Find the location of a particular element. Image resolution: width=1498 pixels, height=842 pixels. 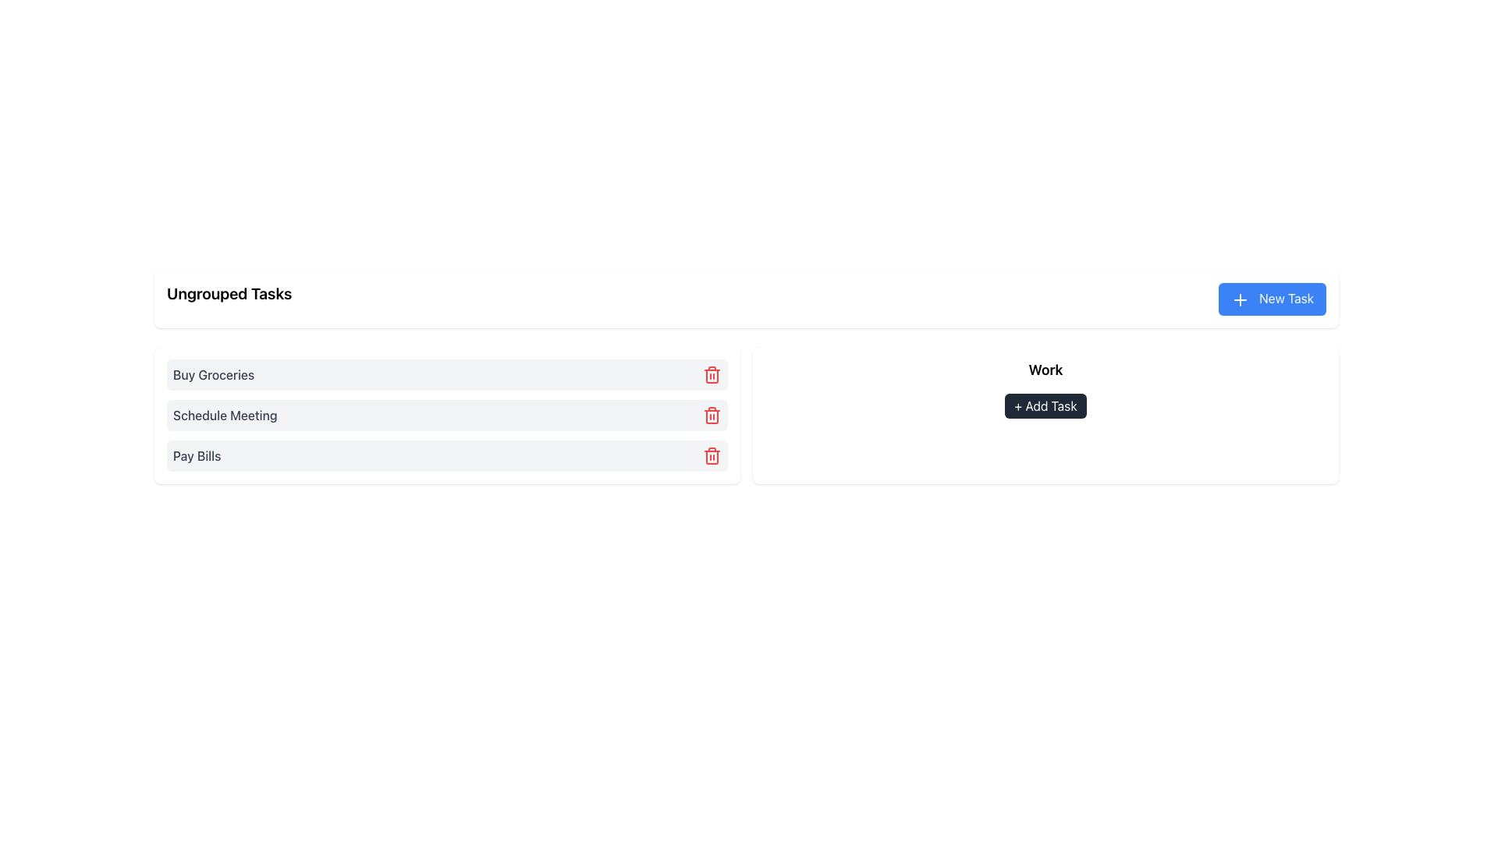

the Text Label that indicates the section of ungrouped tasks, located in the top left corner of a white box with rounded edges is located at coordinates (229, 299).